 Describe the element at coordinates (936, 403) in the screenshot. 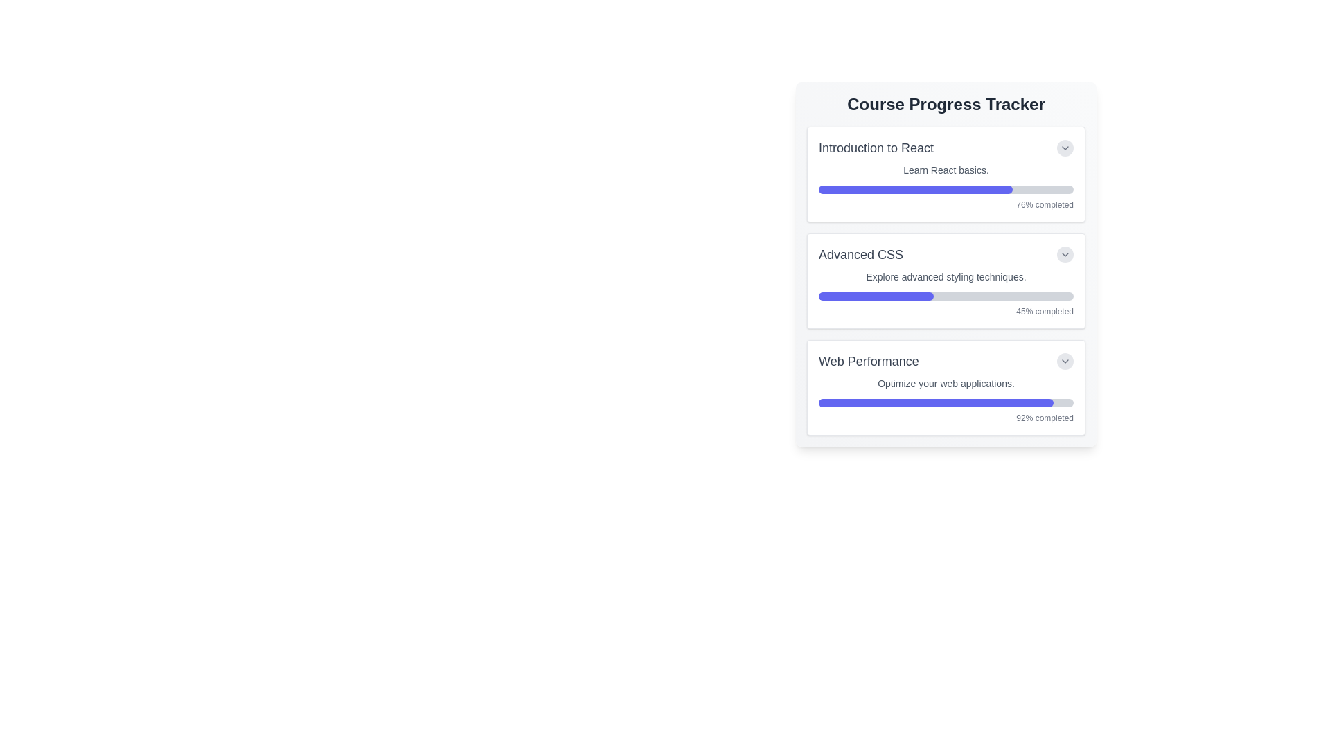

I see `the inner filled portion of the gray progress bar representing the completion percentage of the 'Web Performance' course, located at the bottom of the card` at that location.